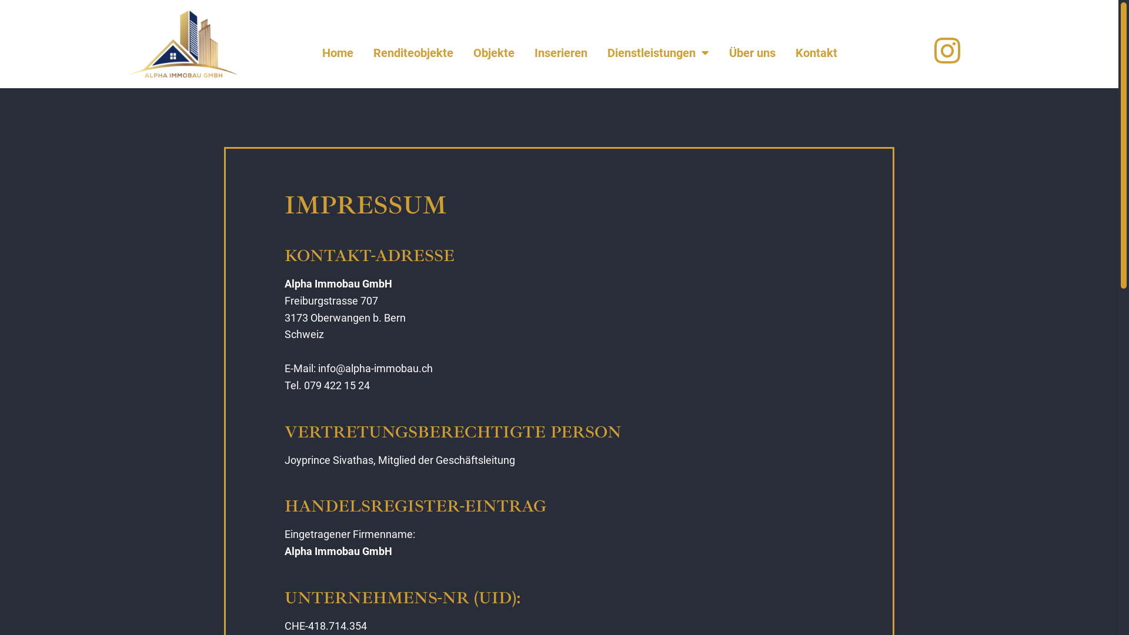 This screenshot has height=635, width=1129. Describe the element at coordinates (785, 52) in the screenshot. I see `'Kontakt'` at that location.